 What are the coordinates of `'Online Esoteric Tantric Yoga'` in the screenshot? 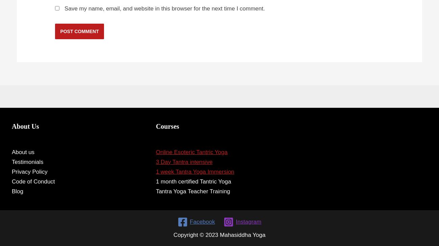 It's located at (191, 152).